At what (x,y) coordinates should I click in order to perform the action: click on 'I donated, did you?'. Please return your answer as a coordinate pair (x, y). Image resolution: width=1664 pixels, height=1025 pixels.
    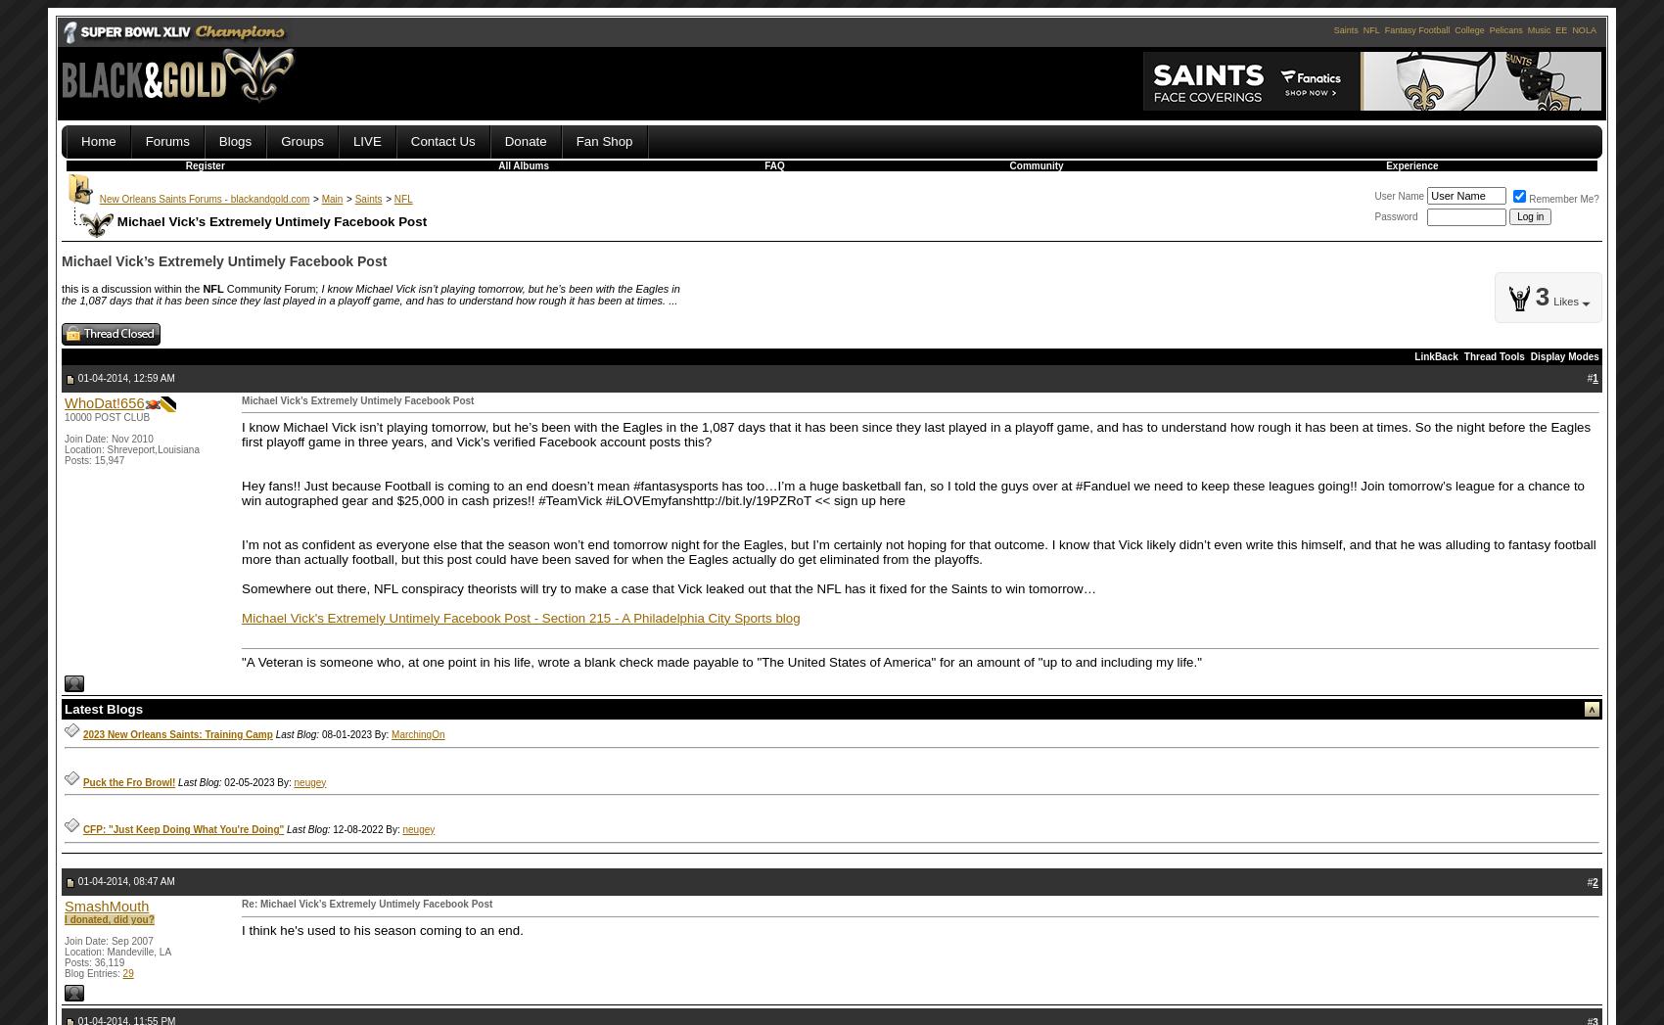
    Looking at the image, I should click on (108, 919).